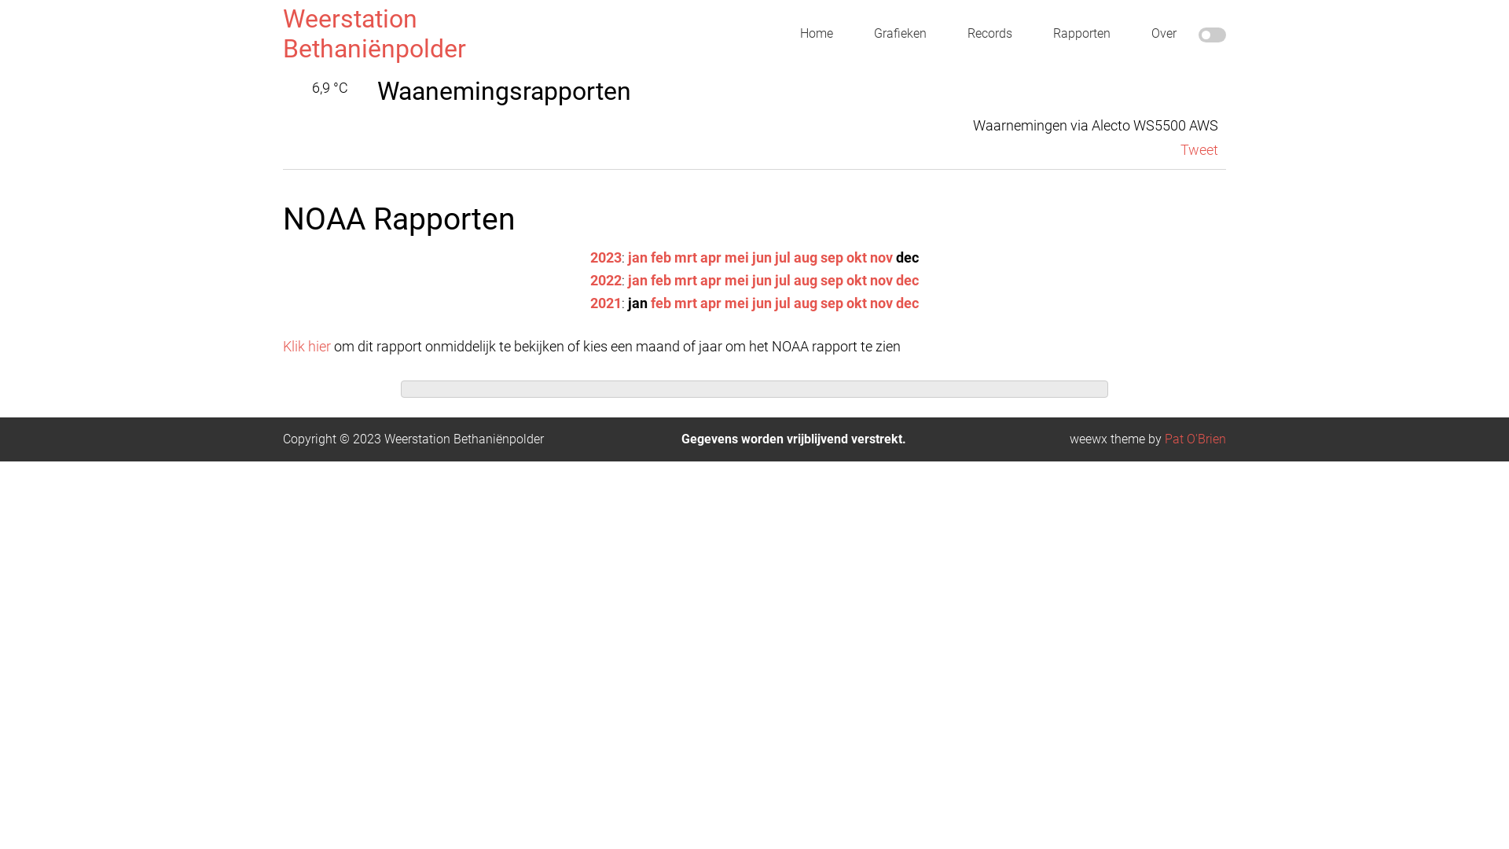 The height and width of the screenshot is (849, 1509). Describe the element at coordinates (660, 256) in the screenshot. I see `'feb'` at that location.